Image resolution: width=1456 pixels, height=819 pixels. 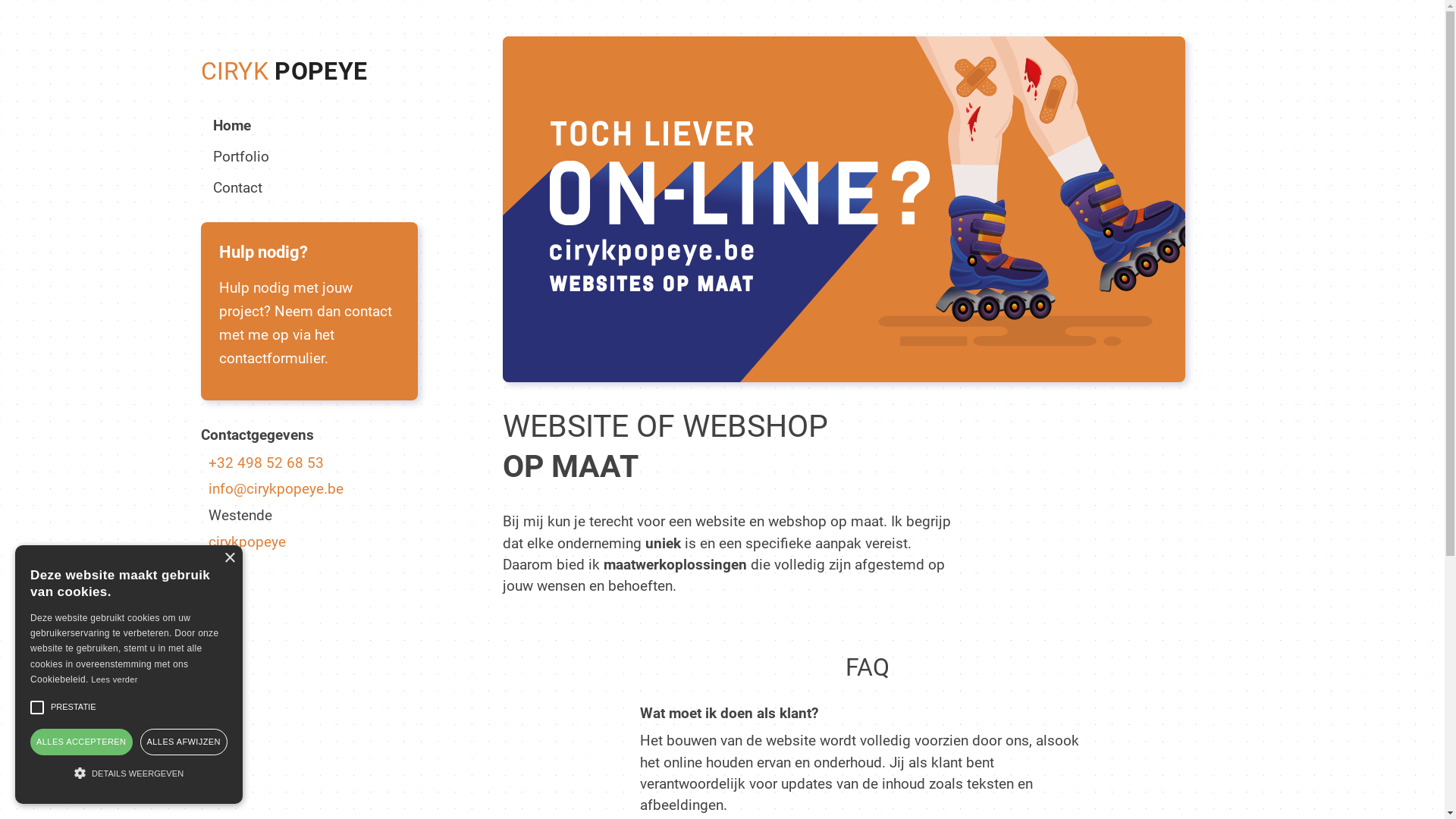 What do you see at coordinates (308, 488) in the screenshot?
I see `'  info@cirykpopeye.be'` at bounding box center [308, 488].